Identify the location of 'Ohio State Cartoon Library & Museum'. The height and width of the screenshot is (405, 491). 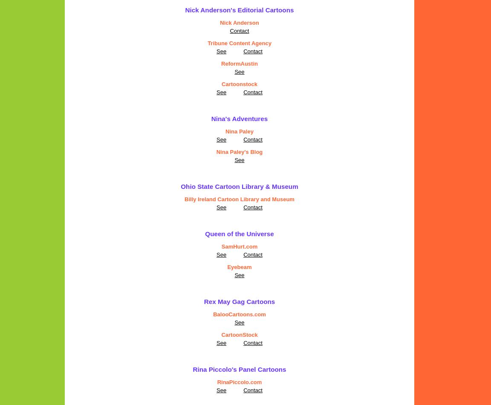
(180, 186).